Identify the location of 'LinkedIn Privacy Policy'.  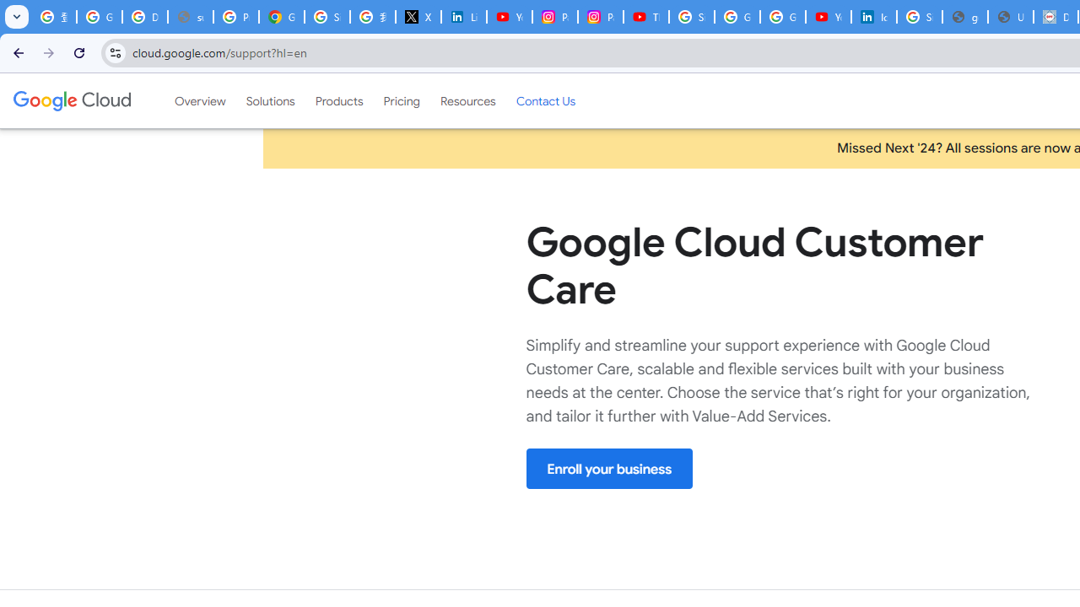
(464, 17).